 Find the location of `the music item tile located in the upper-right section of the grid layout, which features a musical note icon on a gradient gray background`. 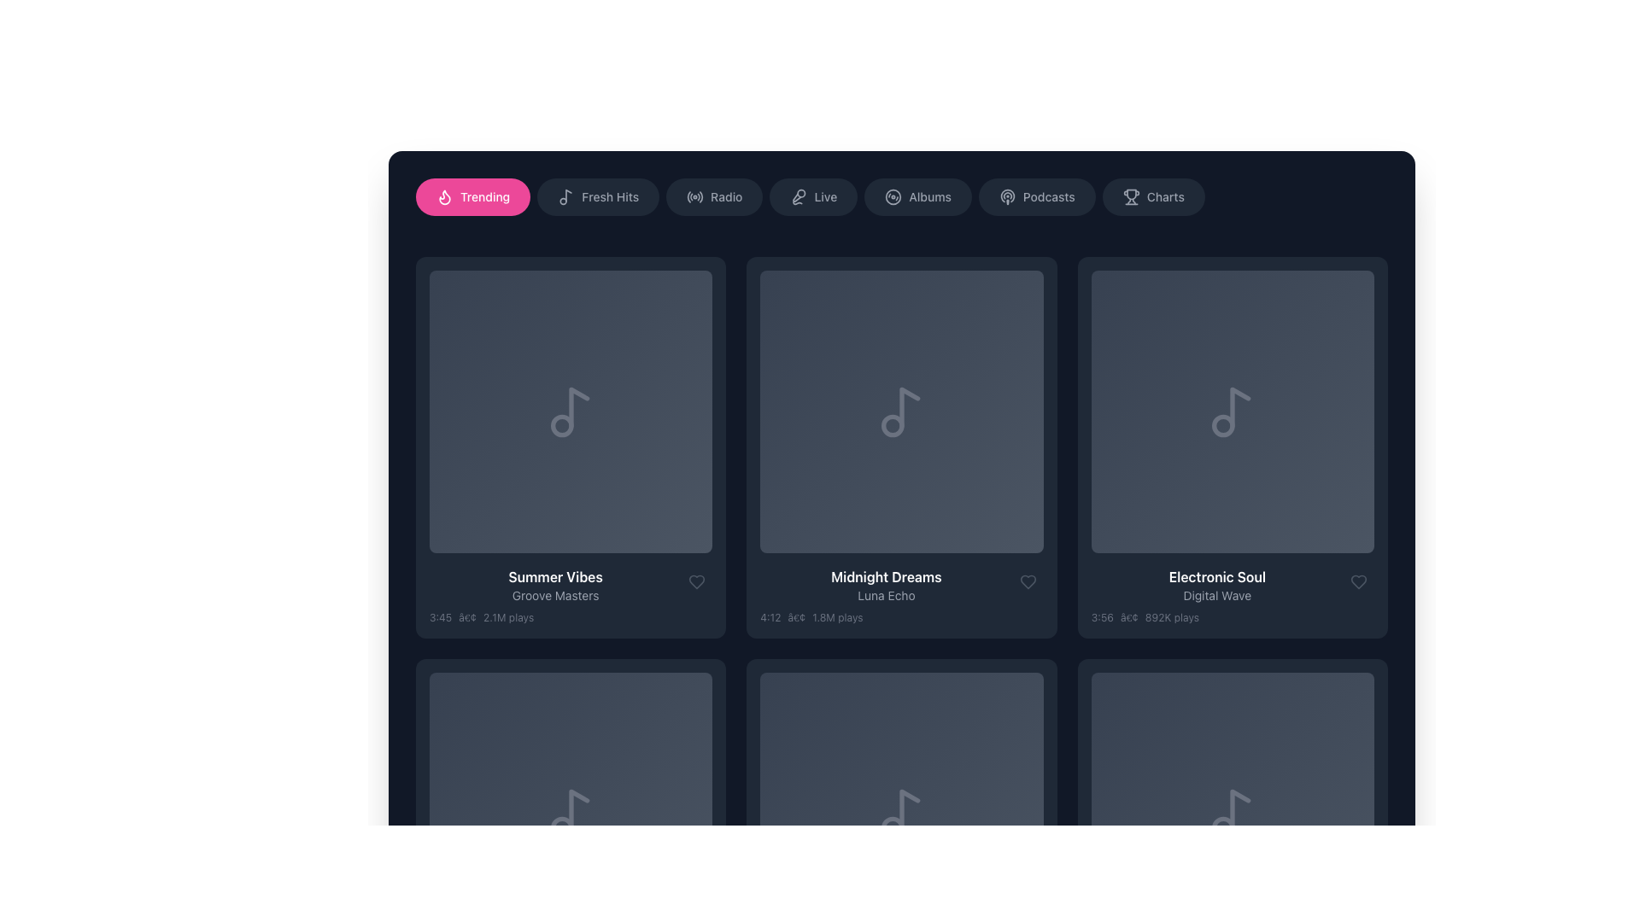

the music item tile located in the upper-right section of the grid layout, which features a musical note icon on a gradient gray background is located at coordinates (1233, 411).